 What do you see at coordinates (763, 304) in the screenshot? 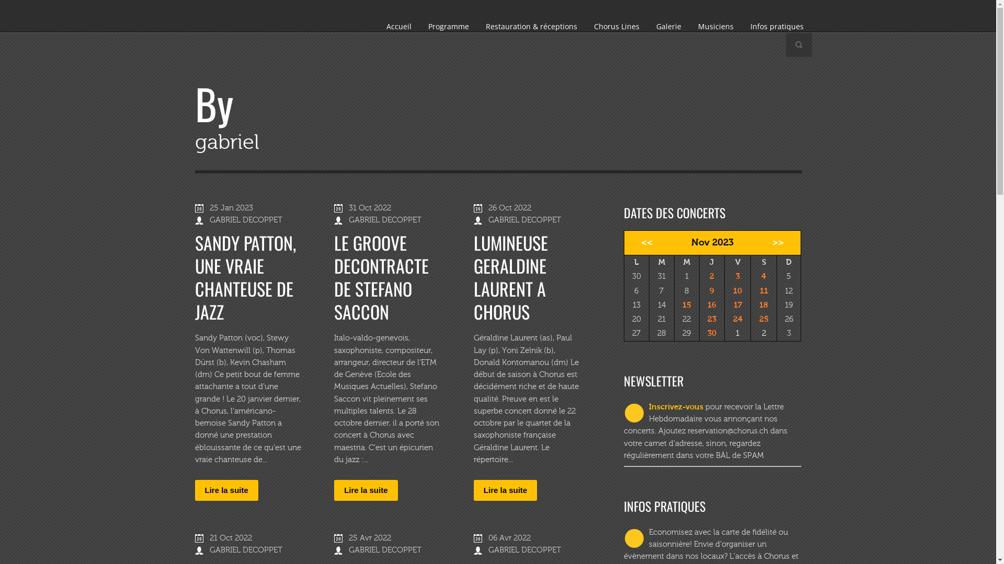
I see `'18'` at bounding box center [763, 304].